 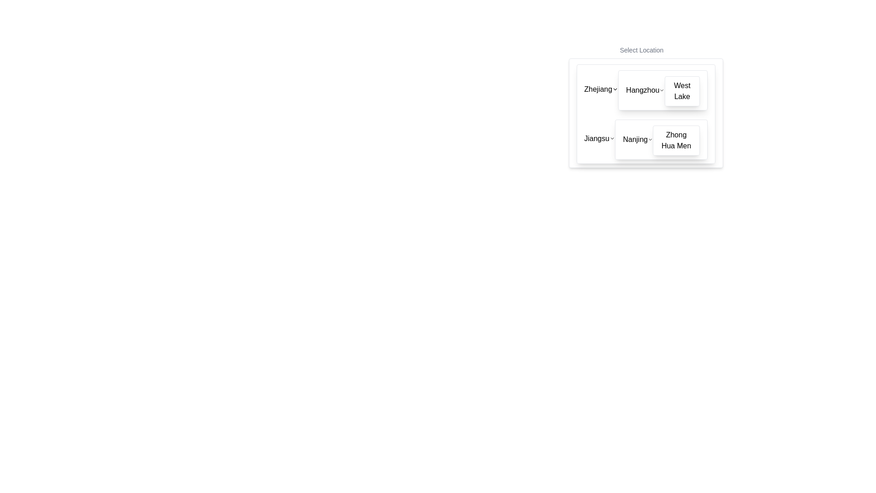 What do you see at coordinates (612, 139) in the screenshot?
I see `the chevron downwards icon adjacent to the text 'Jiangsu'` at bounding box center [612, 139].